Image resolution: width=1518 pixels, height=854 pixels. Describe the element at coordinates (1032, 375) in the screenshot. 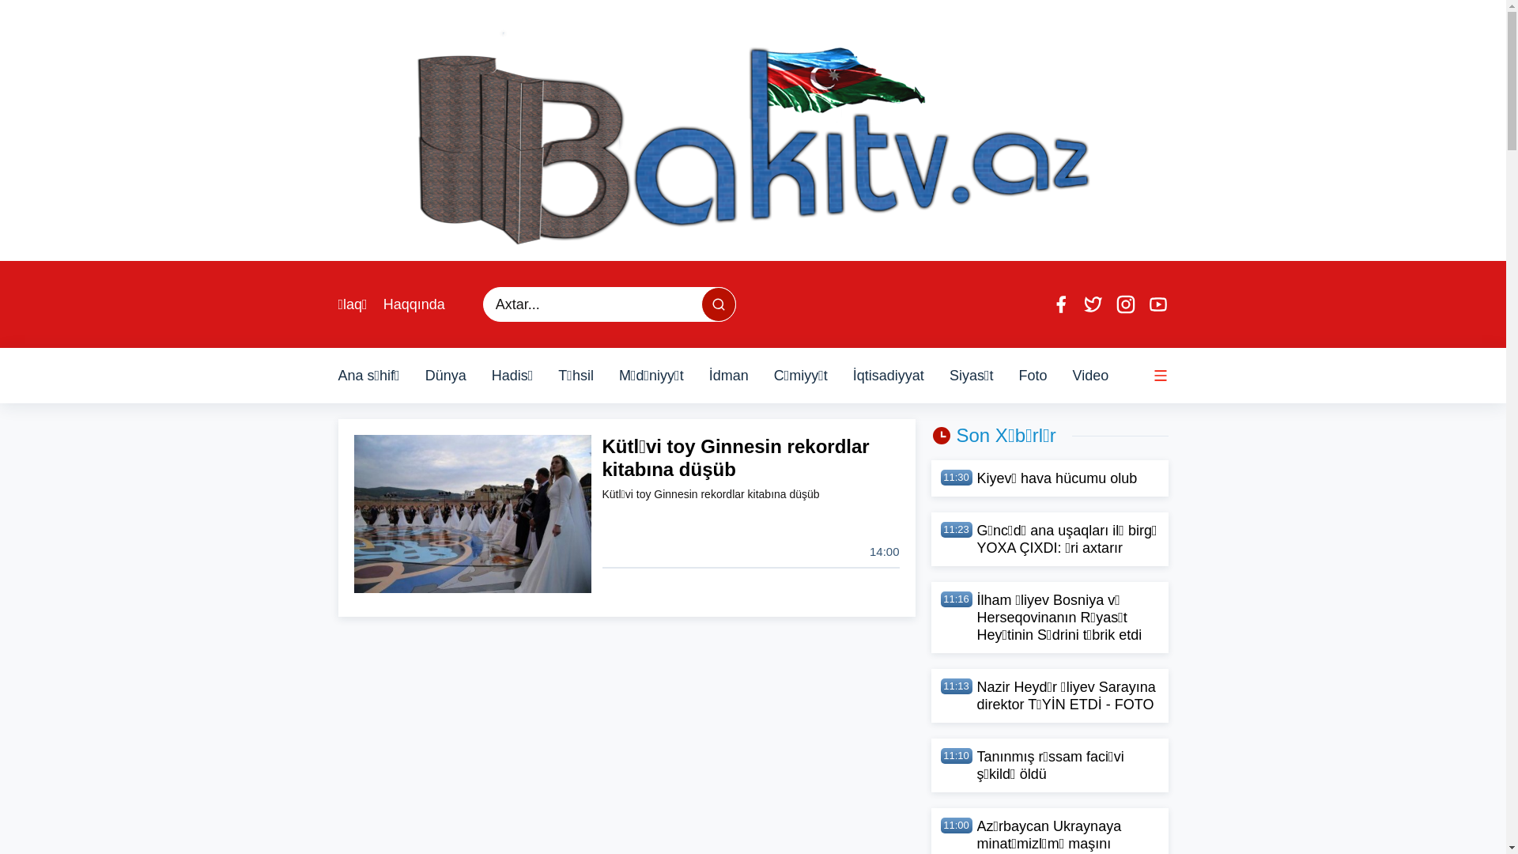

I see `'Foto'` at that location.